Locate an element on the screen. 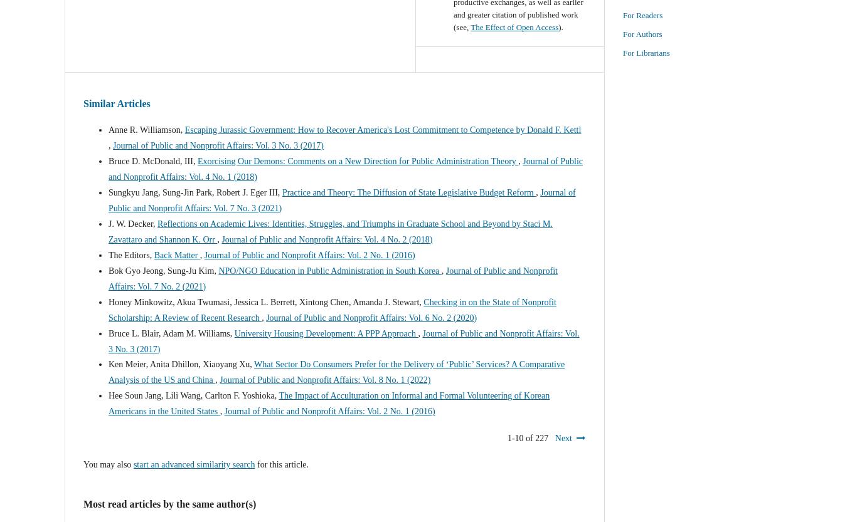 This screenshot has height=522, width=857. 'Anne R. Williamson,' is located at coordinates (107, 128).